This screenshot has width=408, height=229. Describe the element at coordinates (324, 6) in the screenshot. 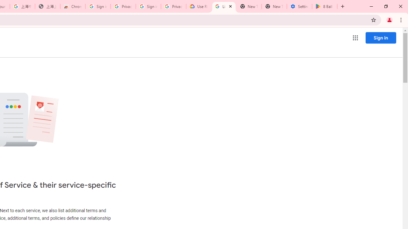

I see `'8 Ball Pool - Apps on Google Play'` at that location.